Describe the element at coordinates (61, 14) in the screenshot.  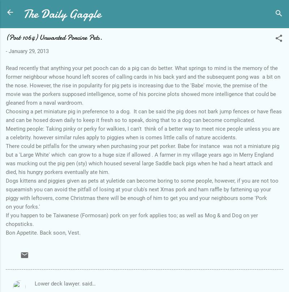
I see `'The Daily Gaggle'` at that location.